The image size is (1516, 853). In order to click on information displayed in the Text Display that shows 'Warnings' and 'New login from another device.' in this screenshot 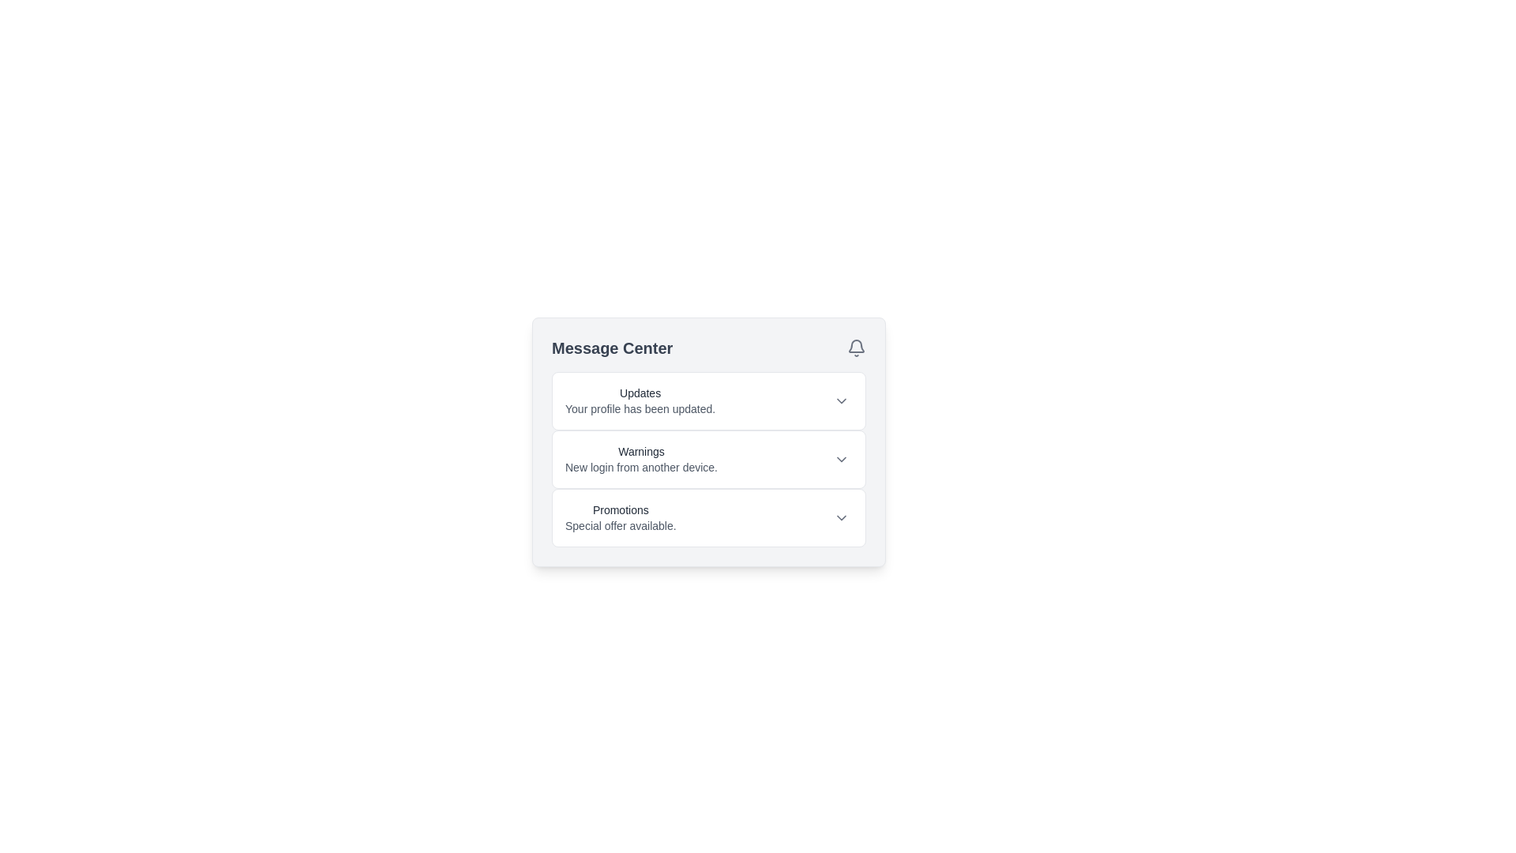, I will do `click(641, 460)`.